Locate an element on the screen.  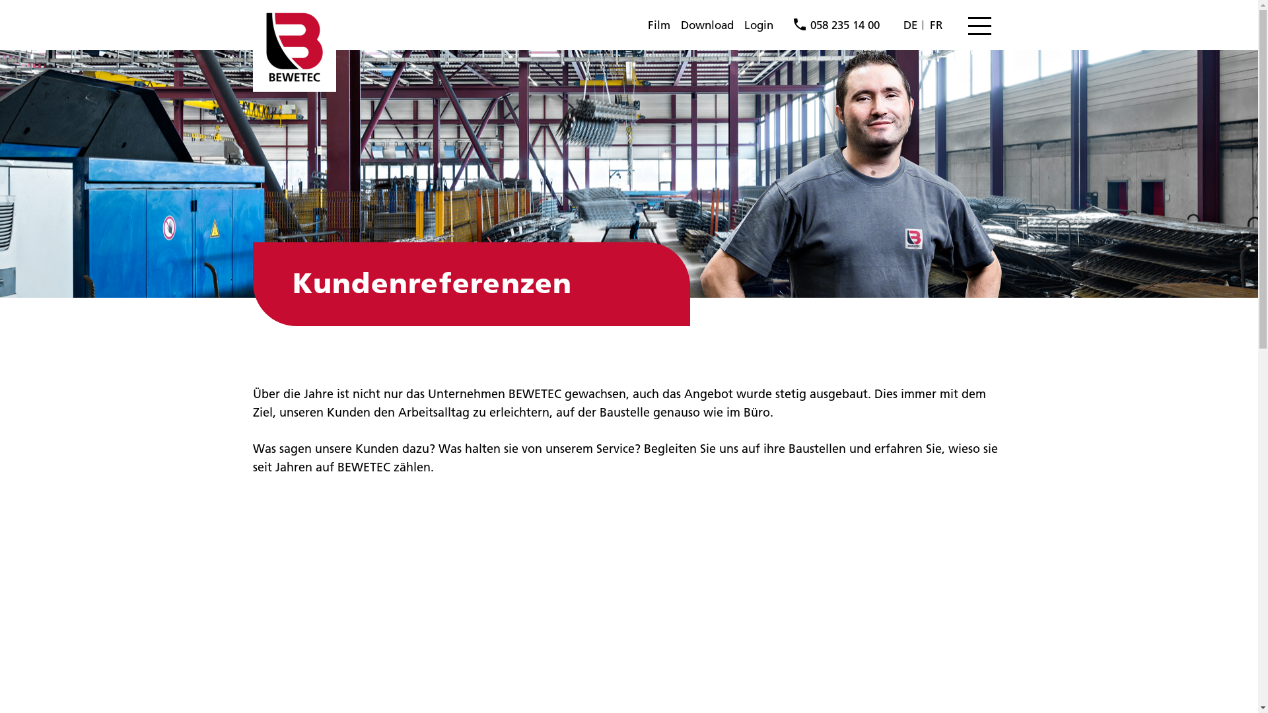
'Login' is located at coordinates (758, 25).